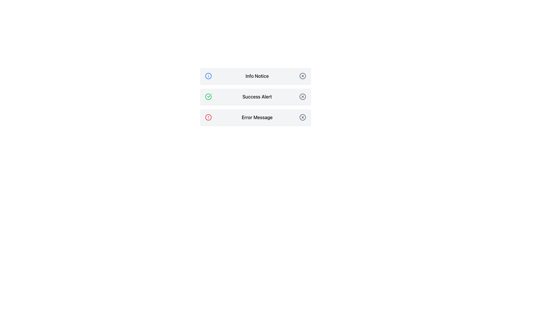 This screenshot has width=552, height=310. Describe the element at coordinates (257, 117) in the screenshot. I see `the error message text label, which is part of an alert component located below 'Info Notice' and 'Success Alert'` at that location.